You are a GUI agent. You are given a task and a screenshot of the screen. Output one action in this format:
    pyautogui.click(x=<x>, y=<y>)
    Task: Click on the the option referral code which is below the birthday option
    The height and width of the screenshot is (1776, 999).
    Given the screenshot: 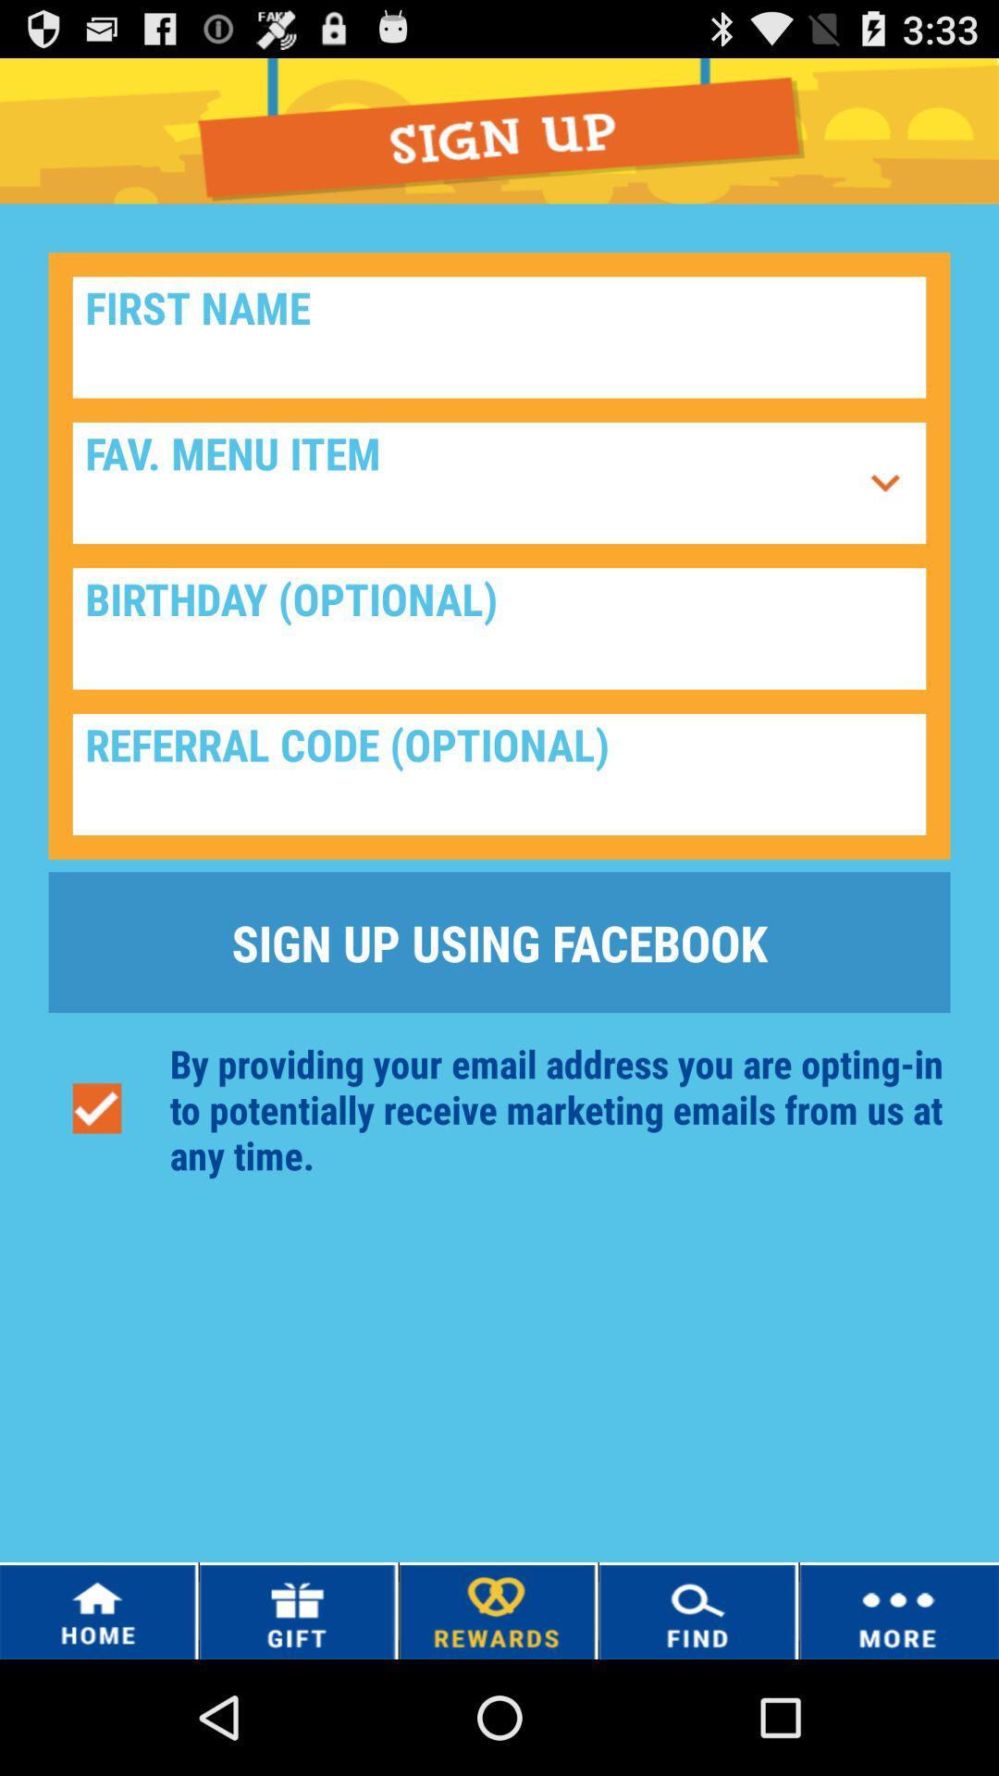 What is the action you would take?
    pyautogui.click(x=499, y=774)
    